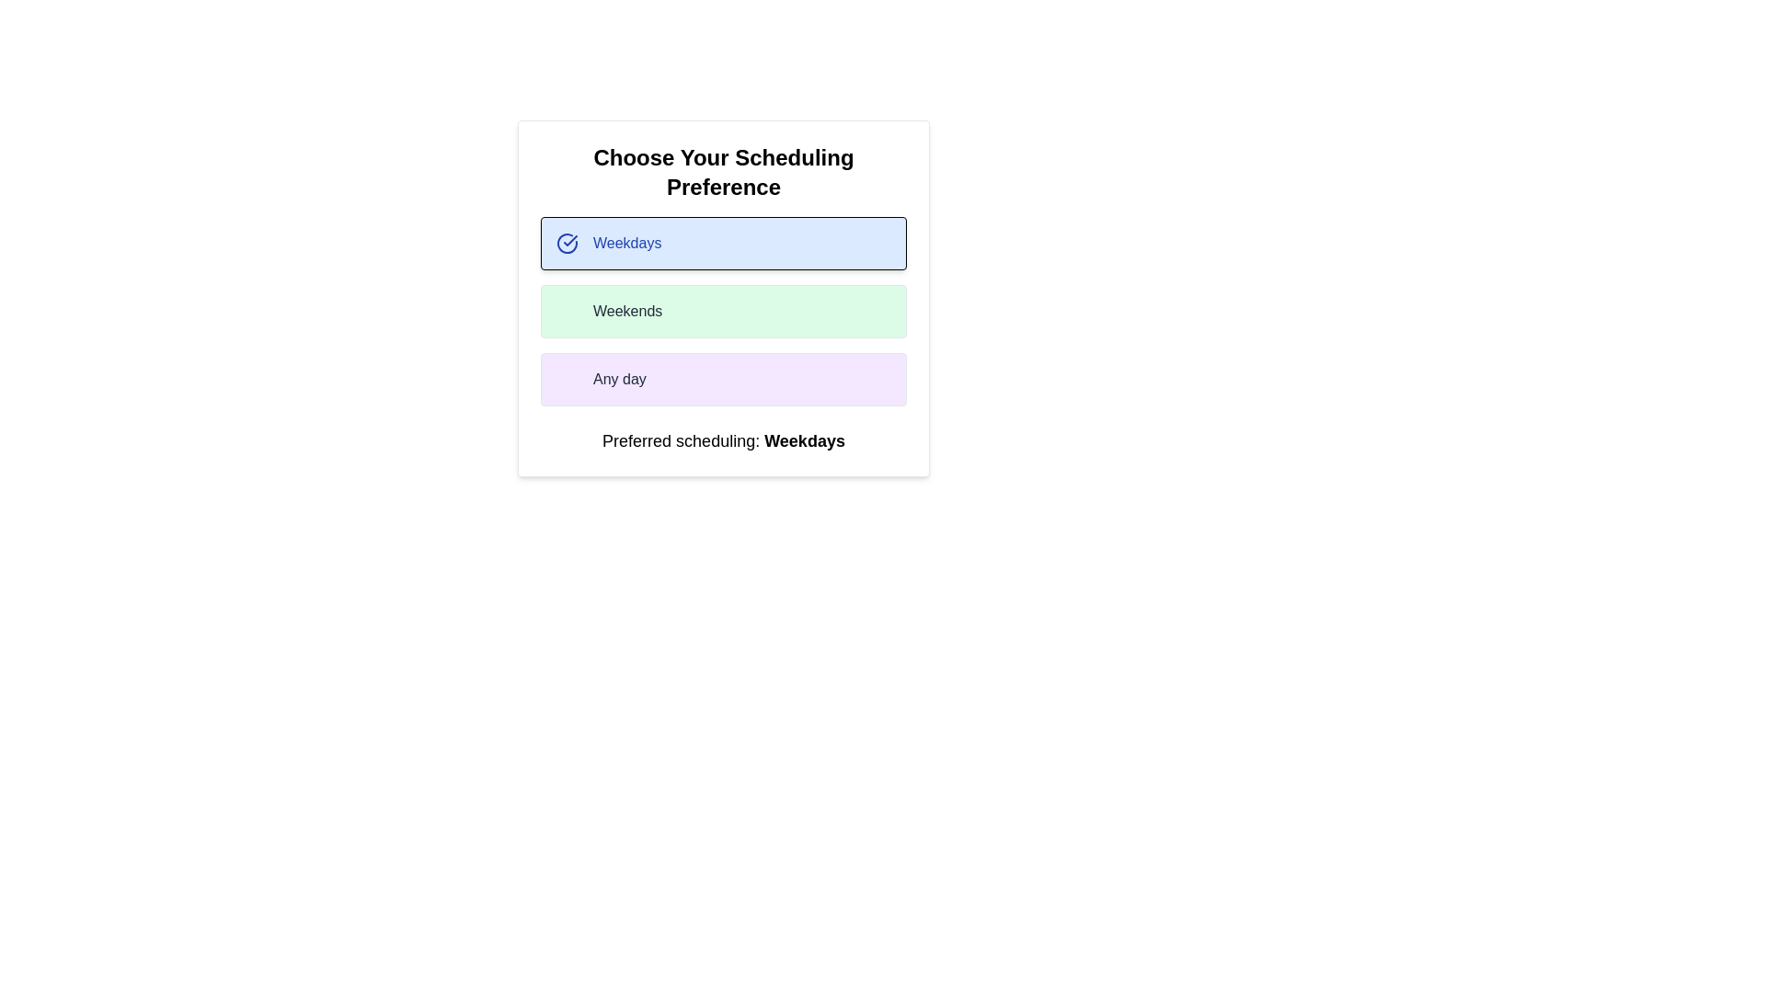 This screenshot has width=1766, height=993. I want to click on the label displaying 'Preferred scheduling: Weekdays' that is positioned at the bottom of the card layout, below the options of 'Weekdays', 'Weekends', and 'Any day', so click(723, 440).